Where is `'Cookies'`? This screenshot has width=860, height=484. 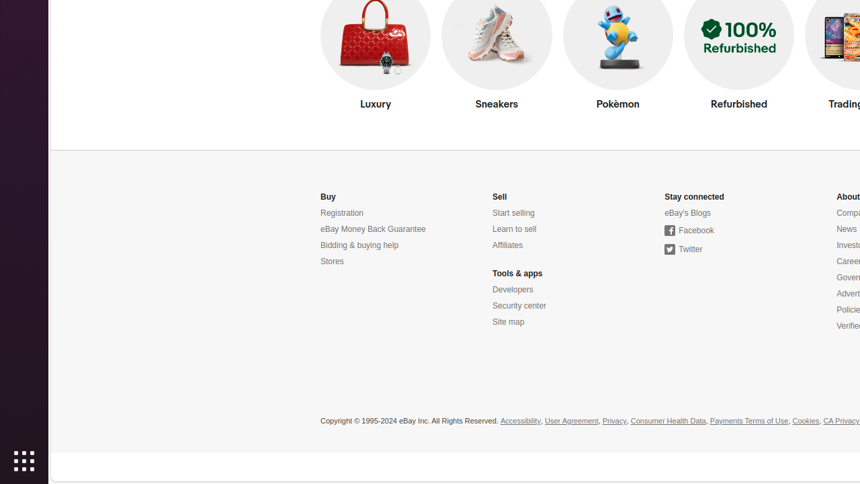
'Cookies' is located at coordinates (806, 420).